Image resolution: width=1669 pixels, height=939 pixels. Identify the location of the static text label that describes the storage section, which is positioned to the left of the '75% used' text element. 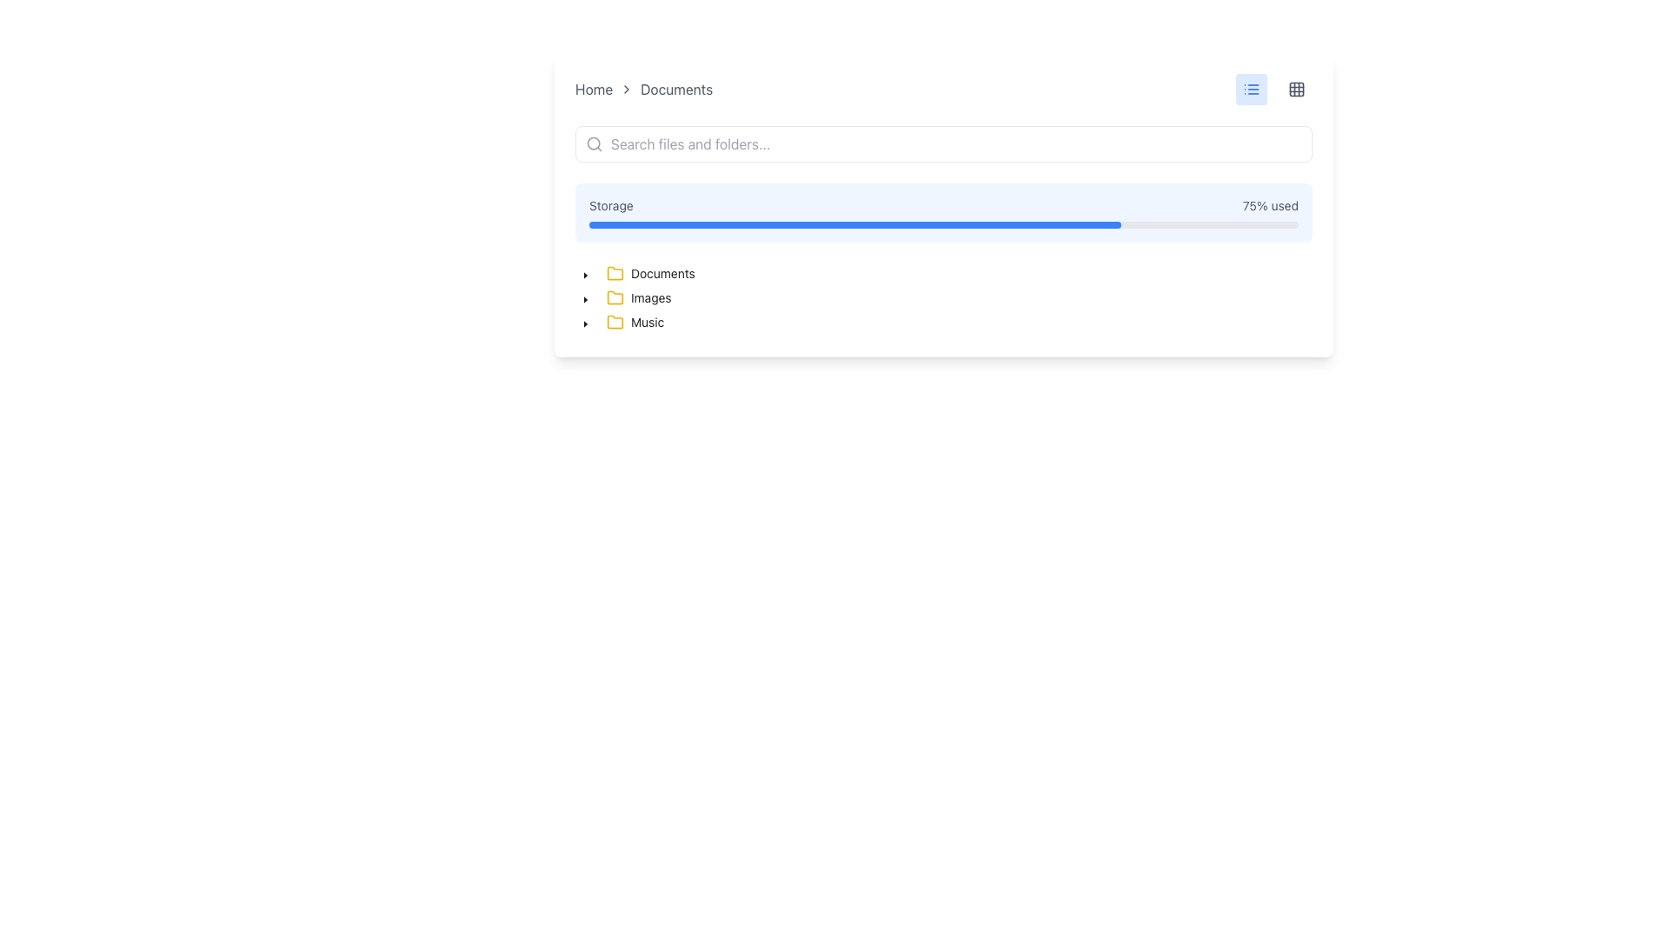
(611, 204).